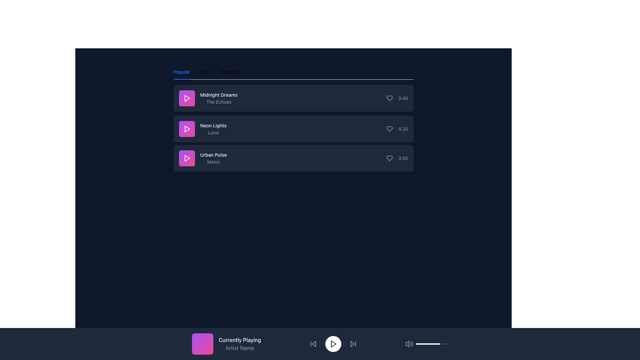 The image size is (640, 360). I want to click on the interactive play button located to the left of the text 'Neon Lights Luna', so click(187, 129).